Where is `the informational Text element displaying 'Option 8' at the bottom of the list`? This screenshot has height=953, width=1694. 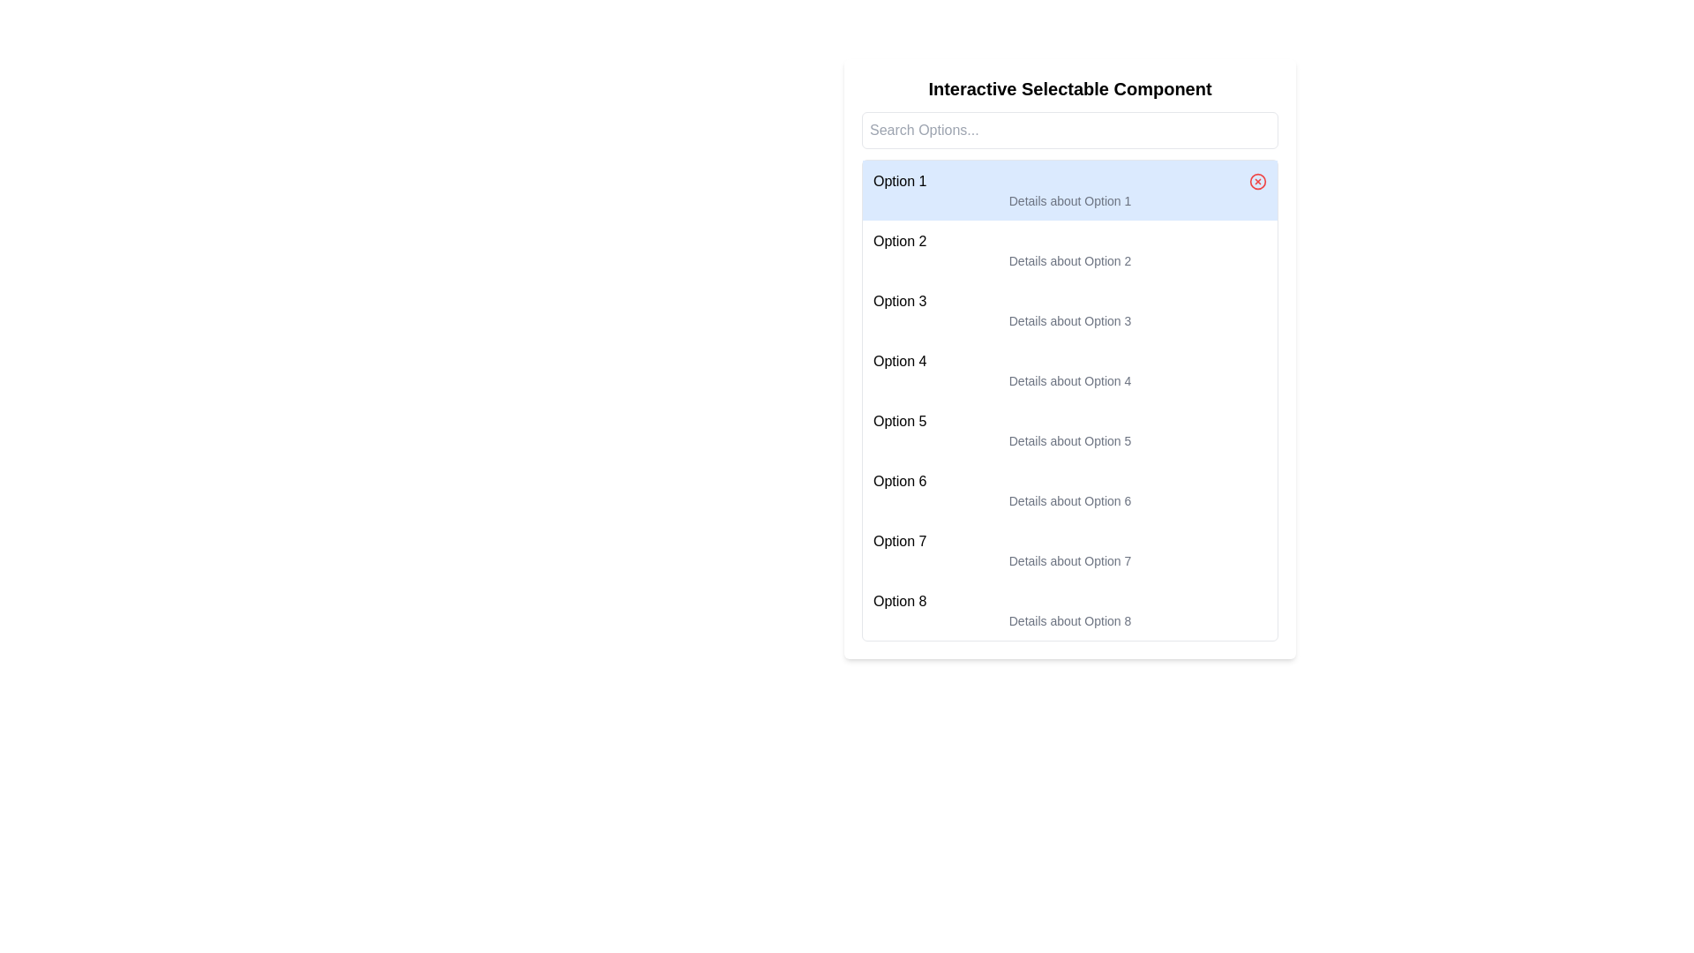
the informational Text element displaying 'Option 8' at the bottom of the list is located at coordinates (1069, 609).